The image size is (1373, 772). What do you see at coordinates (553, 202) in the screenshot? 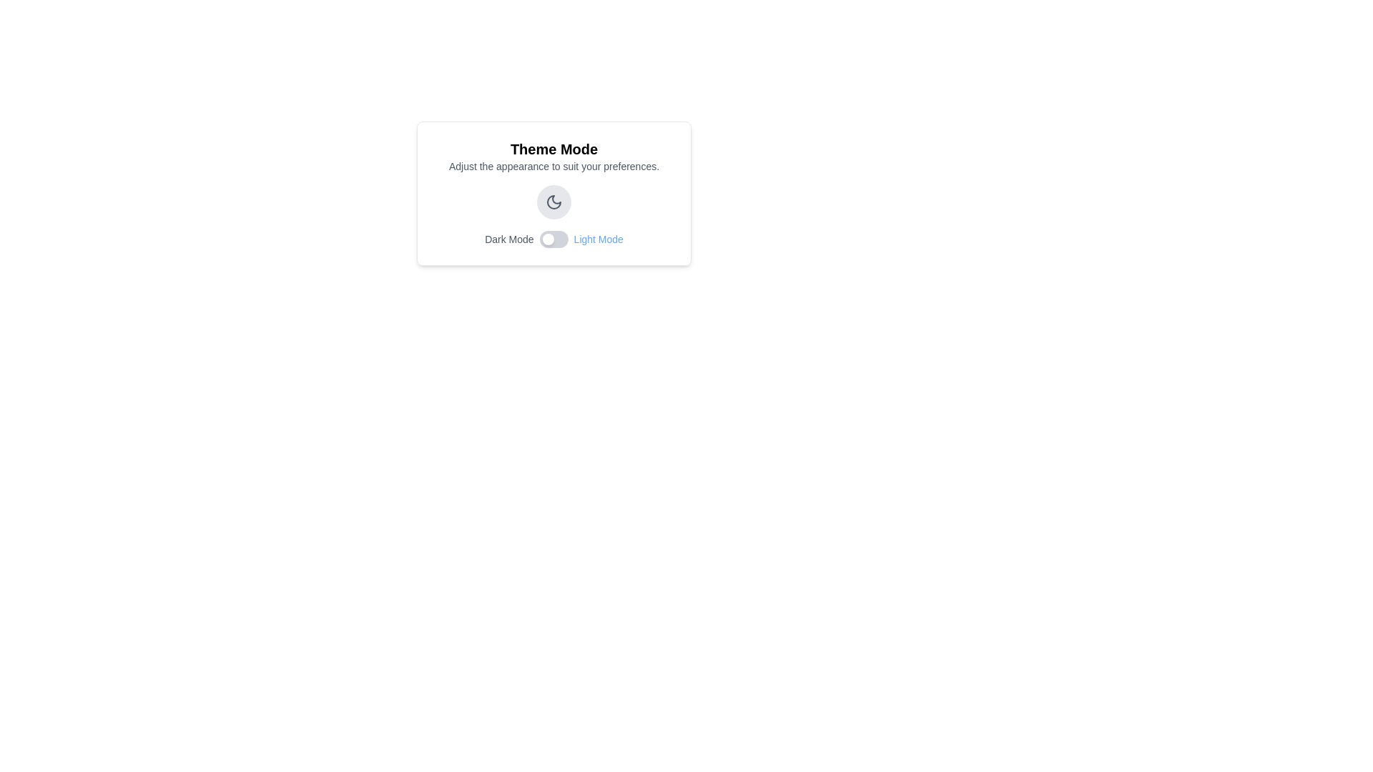
I see `the circular icon with a crescent moon symbol, which is located slightly below the title text 'Theme Mode' and above the toggle switch for dark mode and light mode options` at bounding box center [553, 202].